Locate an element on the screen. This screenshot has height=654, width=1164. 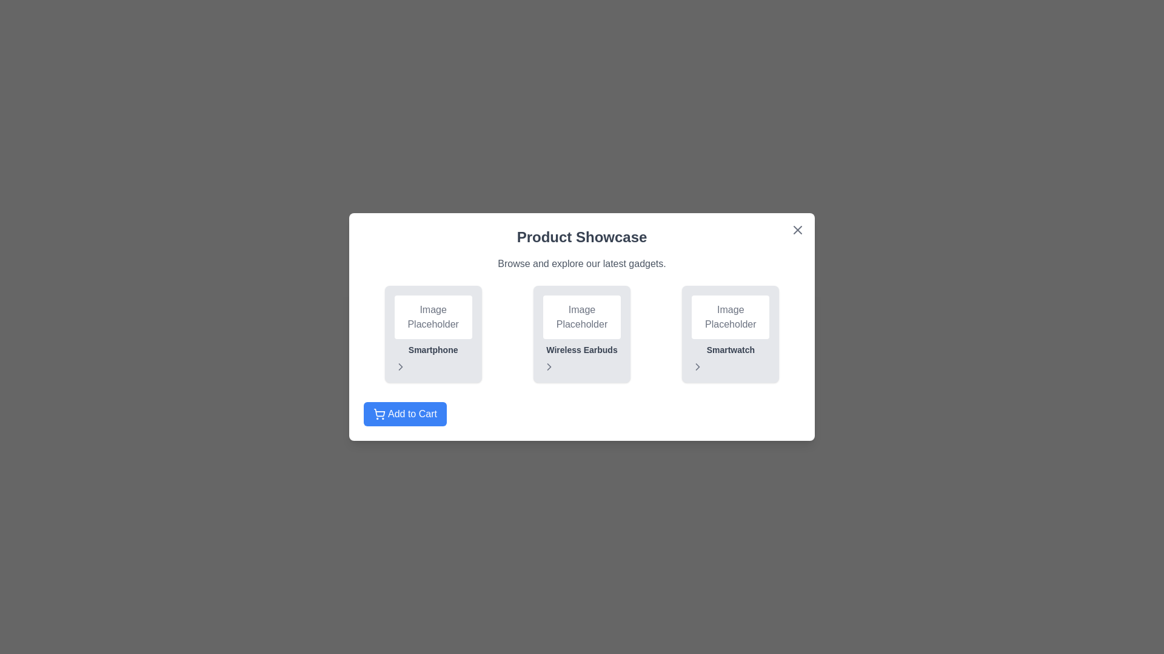
text content of the placeholder Text Label indicating where product images or labels would be displayed, located in the third column of a three-column layout is located at coordinates (730, 317).